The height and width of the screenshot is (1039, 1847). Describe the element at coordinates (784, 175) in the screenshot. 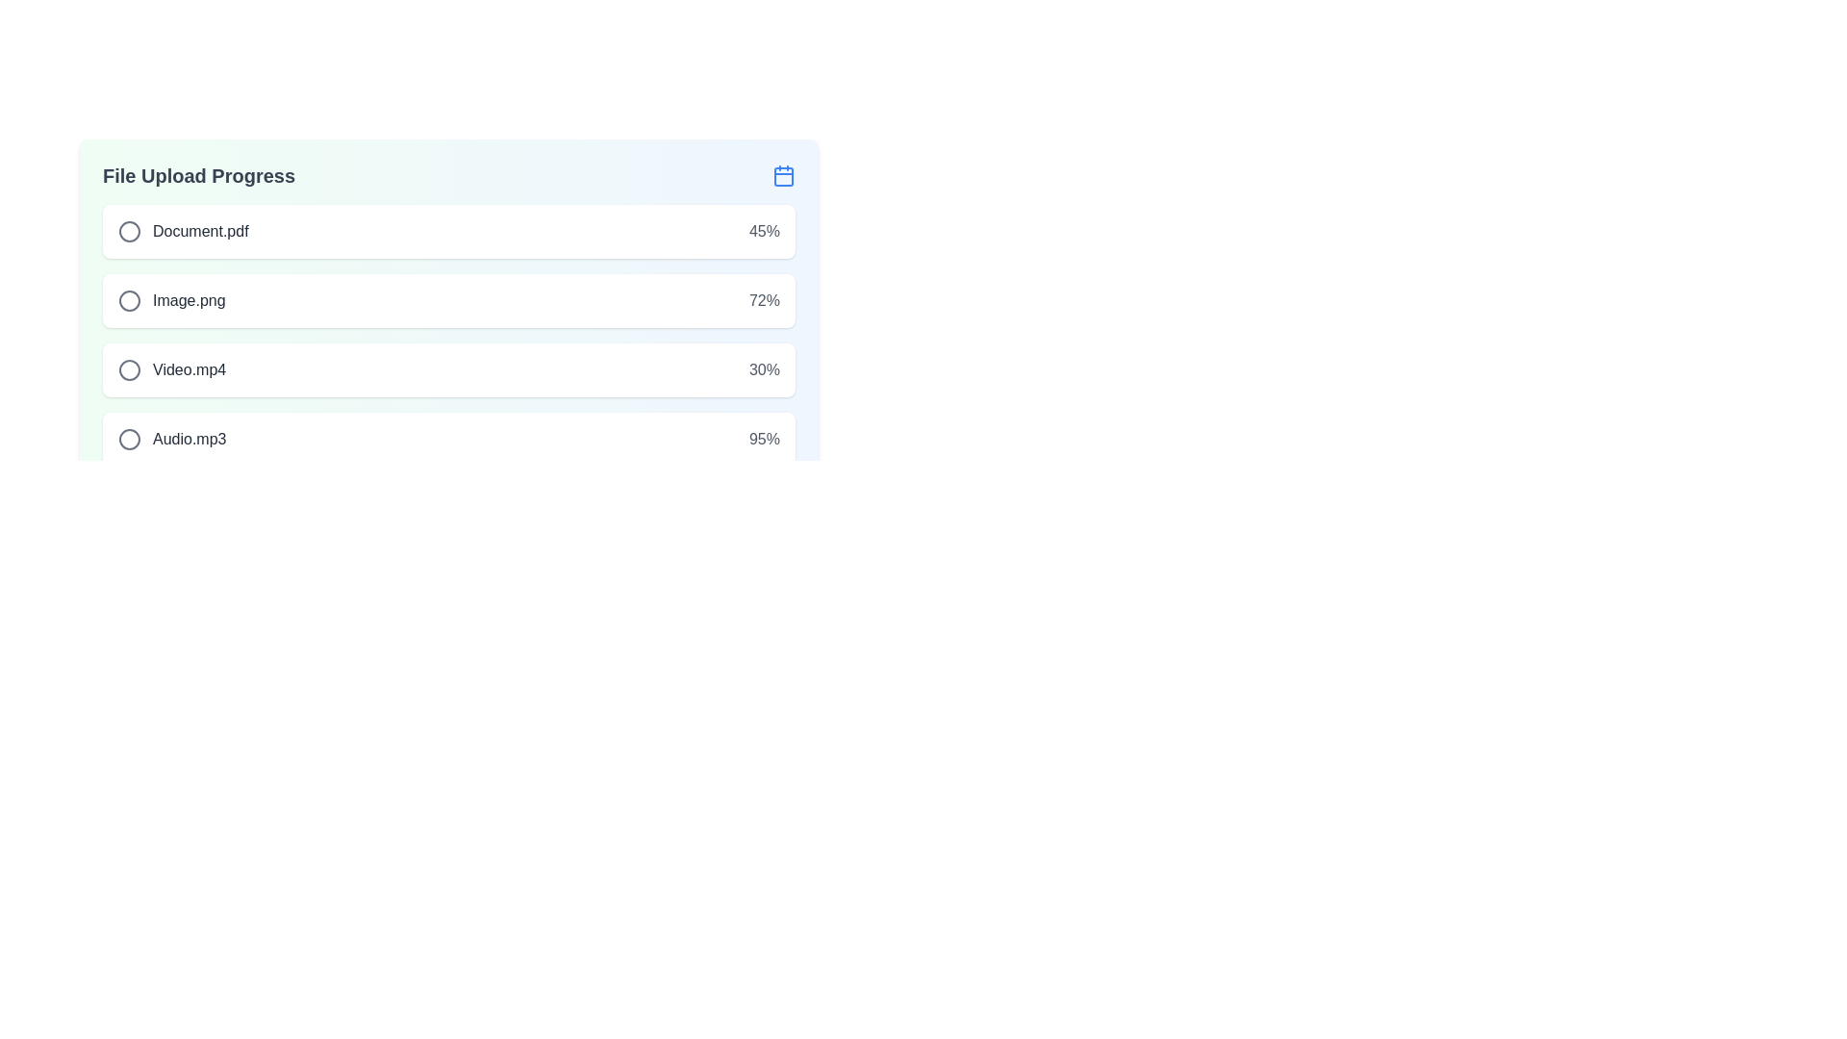

I see `the calendar icon located to the far right of the 'File Upload Progress' header section` at that location.